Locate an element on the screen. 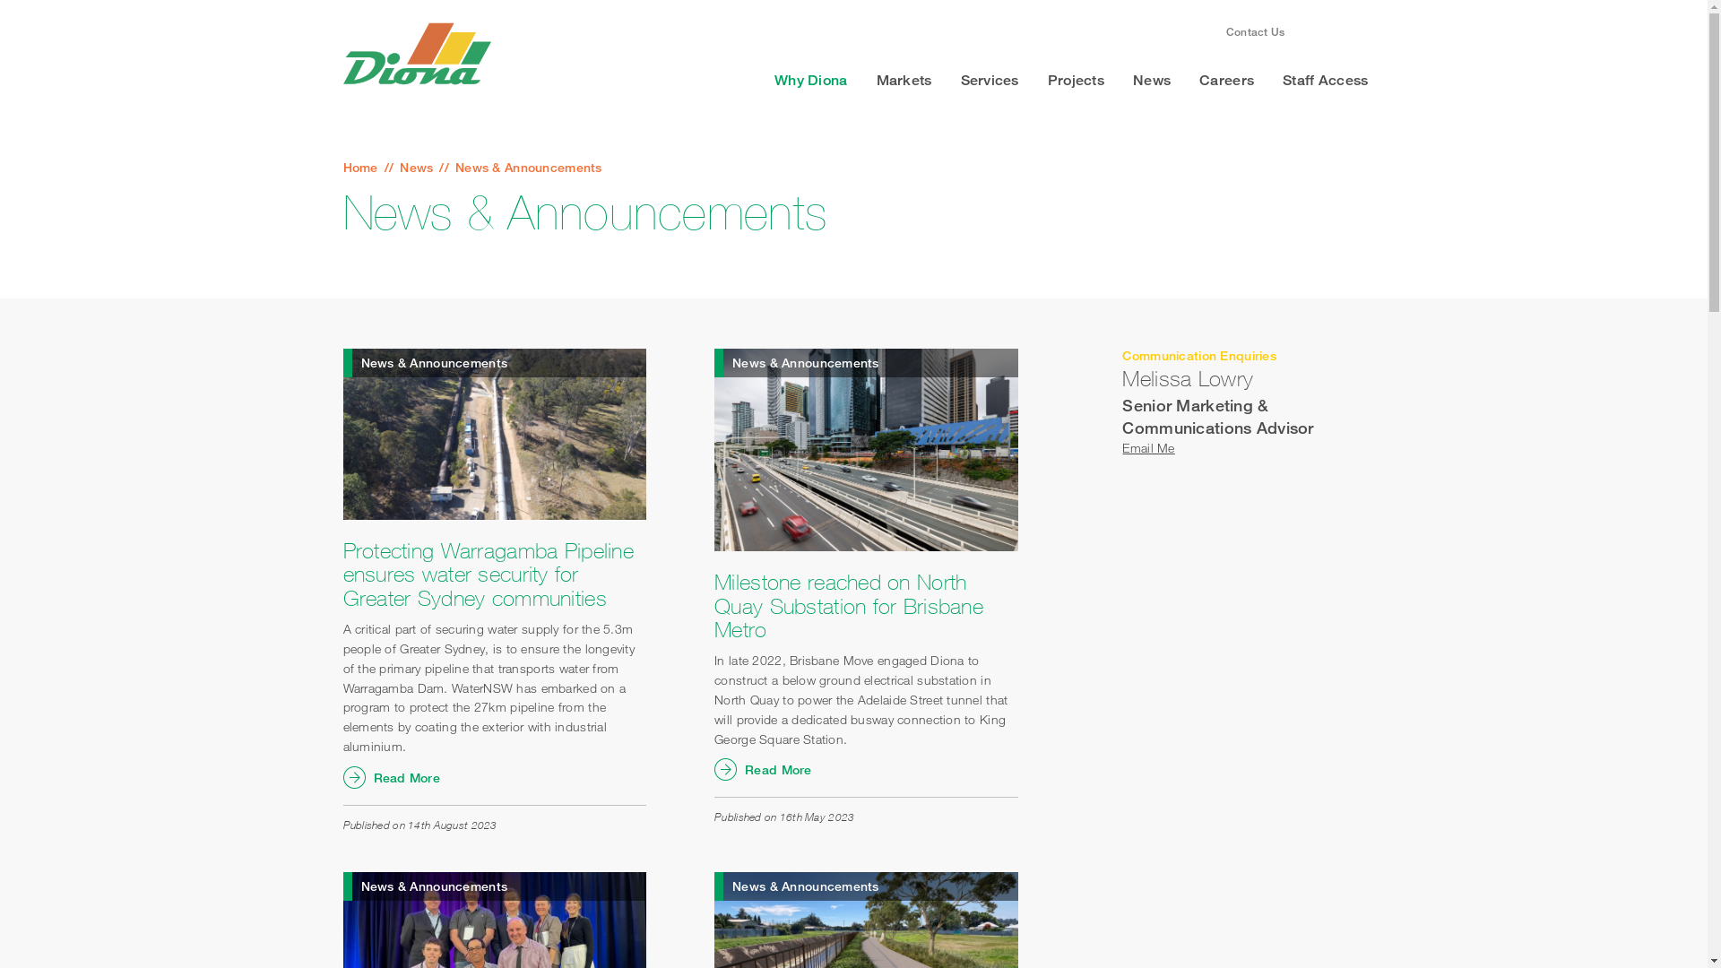 This screenshot has height=968, width=1721. 'Why Diona' is located at coordinates (810, 79).